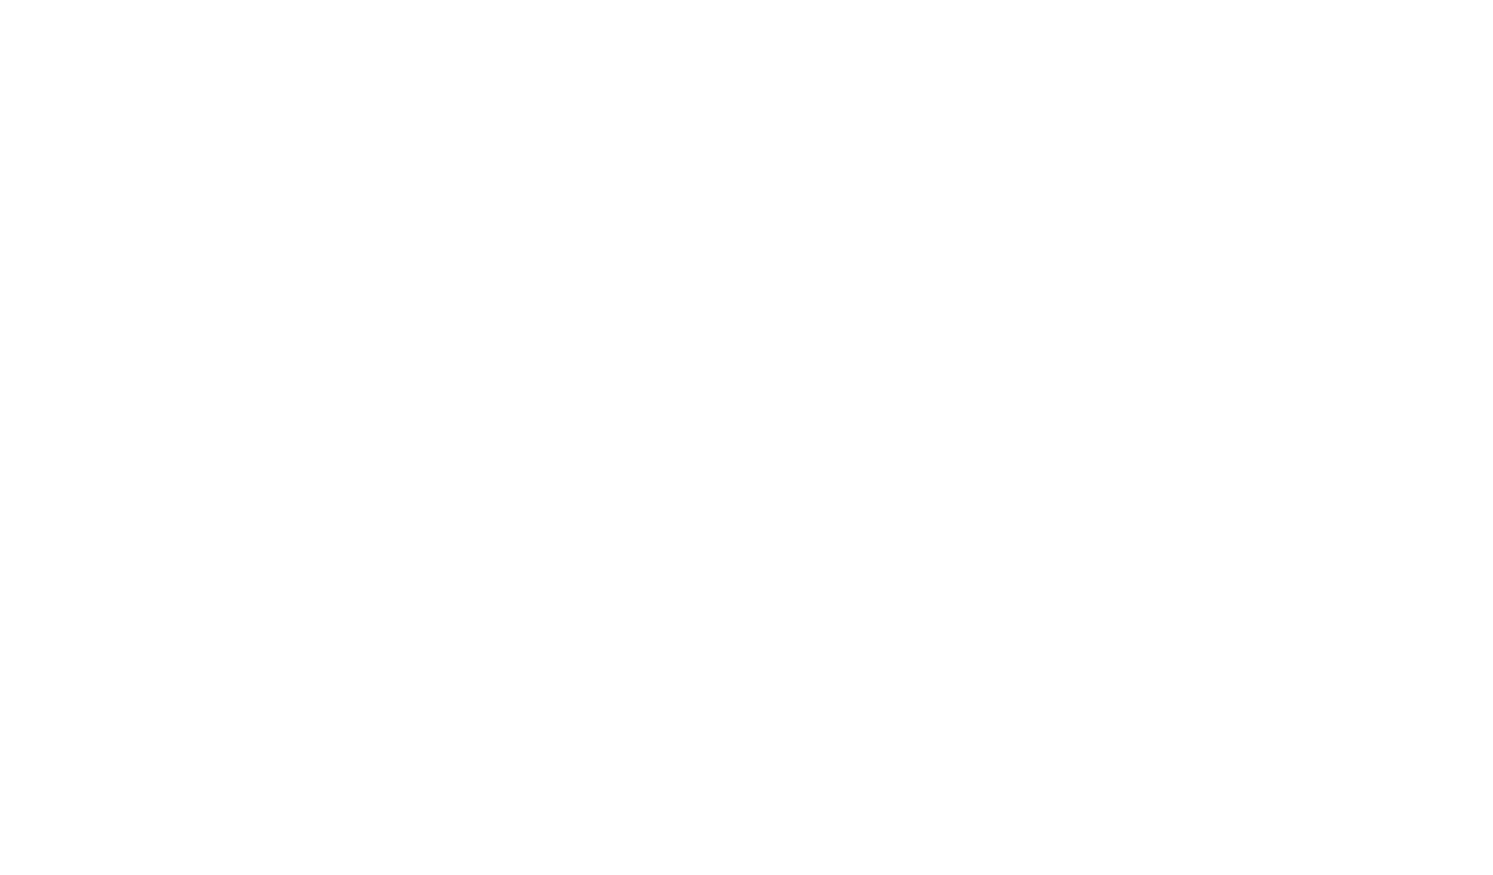 Image resolution: width=1493 pixels, height=875 pixels. I want to click on 'DE', so click(373, 32).